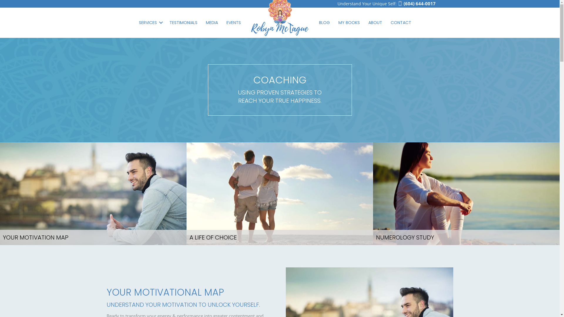 Image resolution: width=564 pixels, height=317 pixels. Describe the element at coordinates (93, 193) in the screenshot. I see `'YOUR MOTIVATION MAP'` at that location.